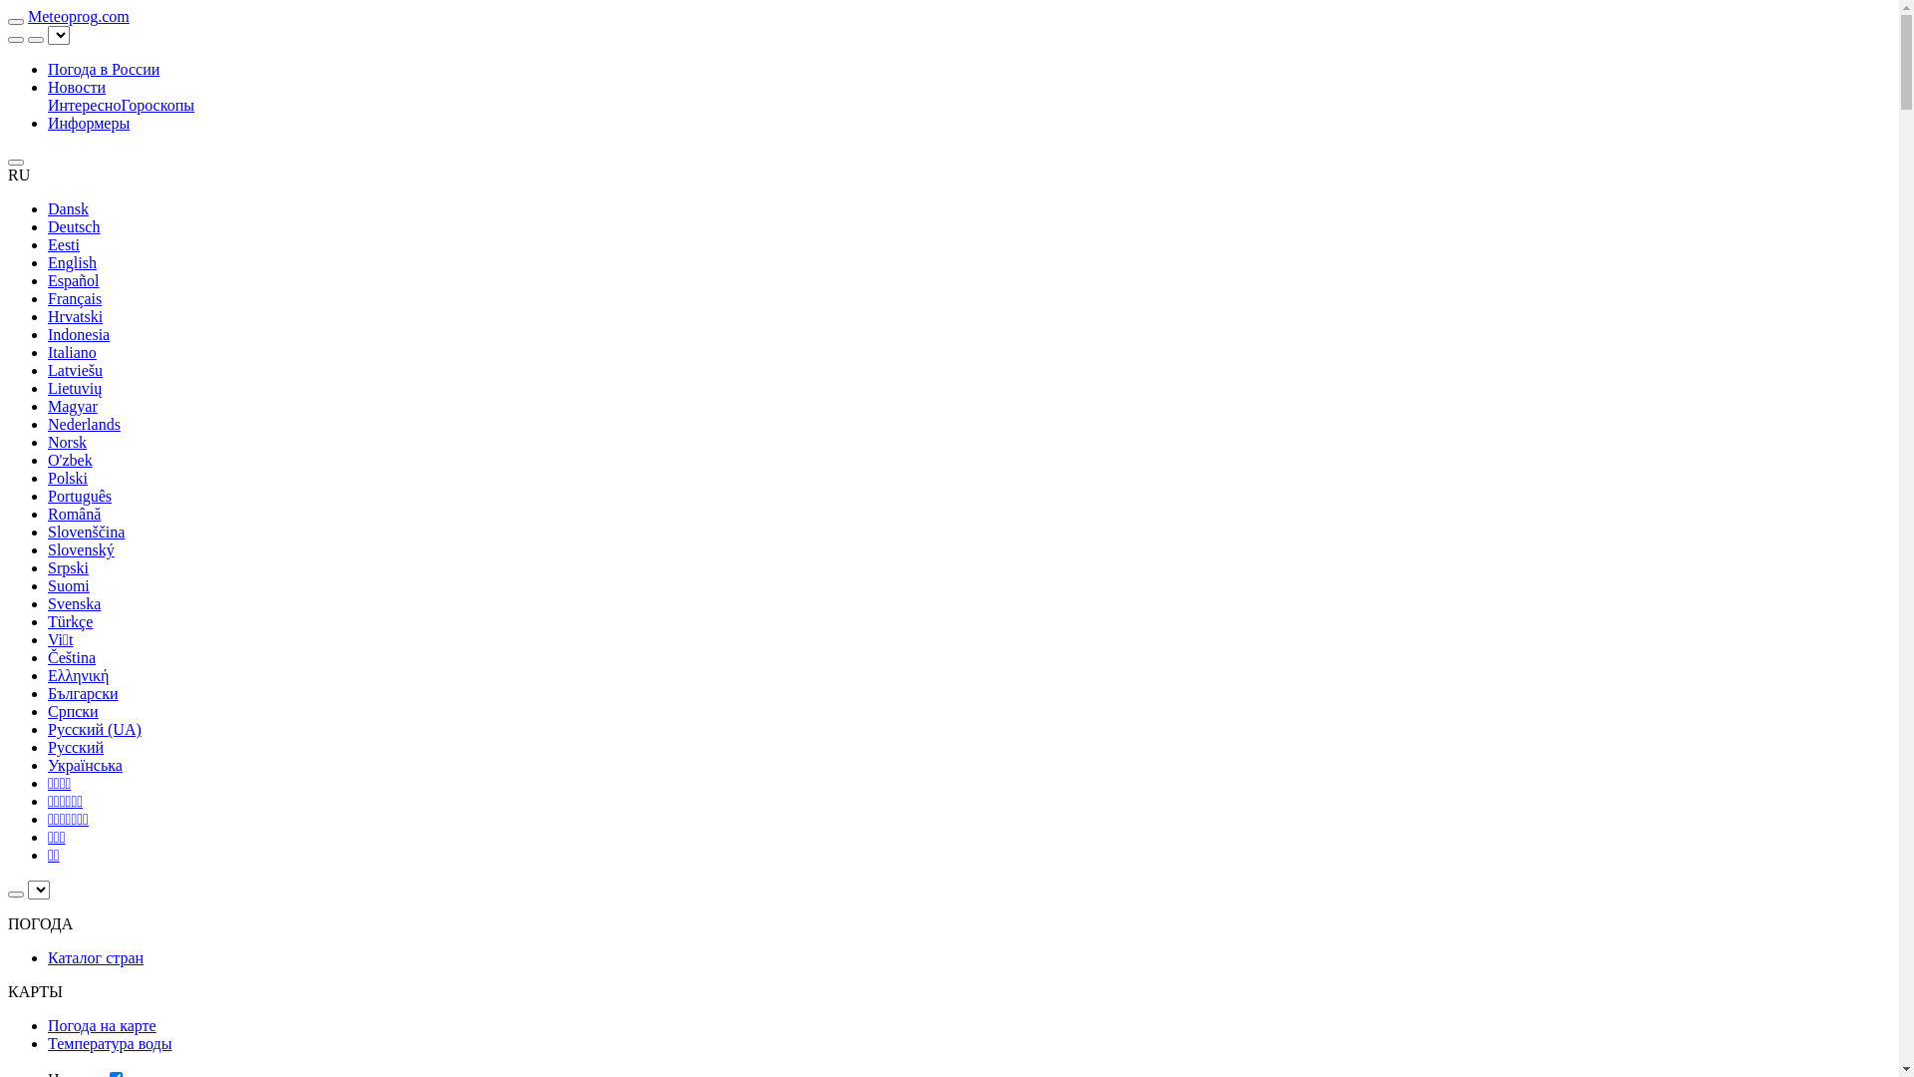 This screenshot has width=1914, height=1077. What do you see at coordinates (73, 225) in the screenshot?
I see `'Deutsch'` at bounding box center [73, 225].